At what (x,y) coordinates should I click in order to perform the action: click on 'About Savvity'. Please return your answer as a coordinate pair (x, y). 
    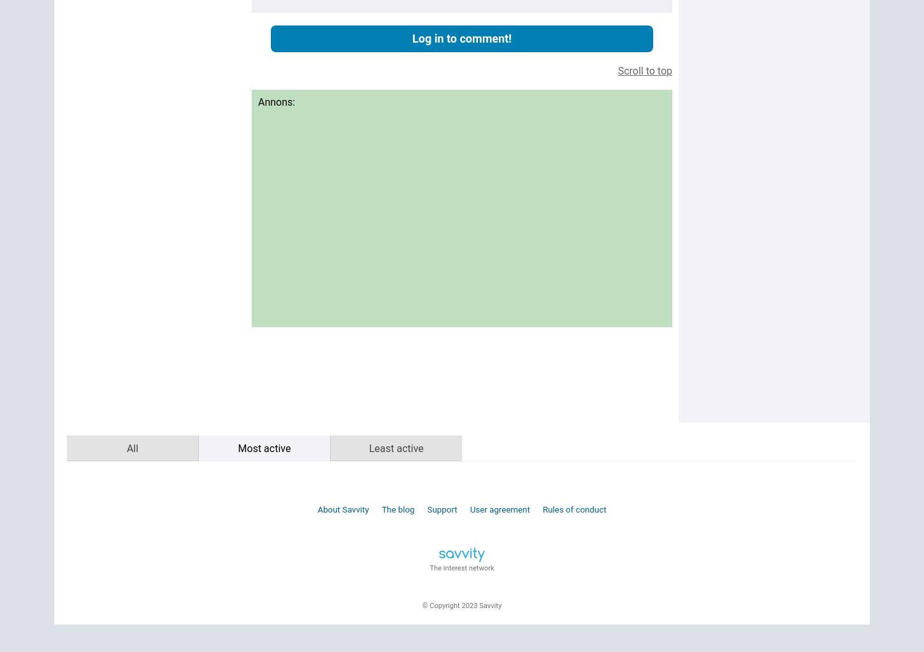
    Looking at the image, I should click on (343, 509).